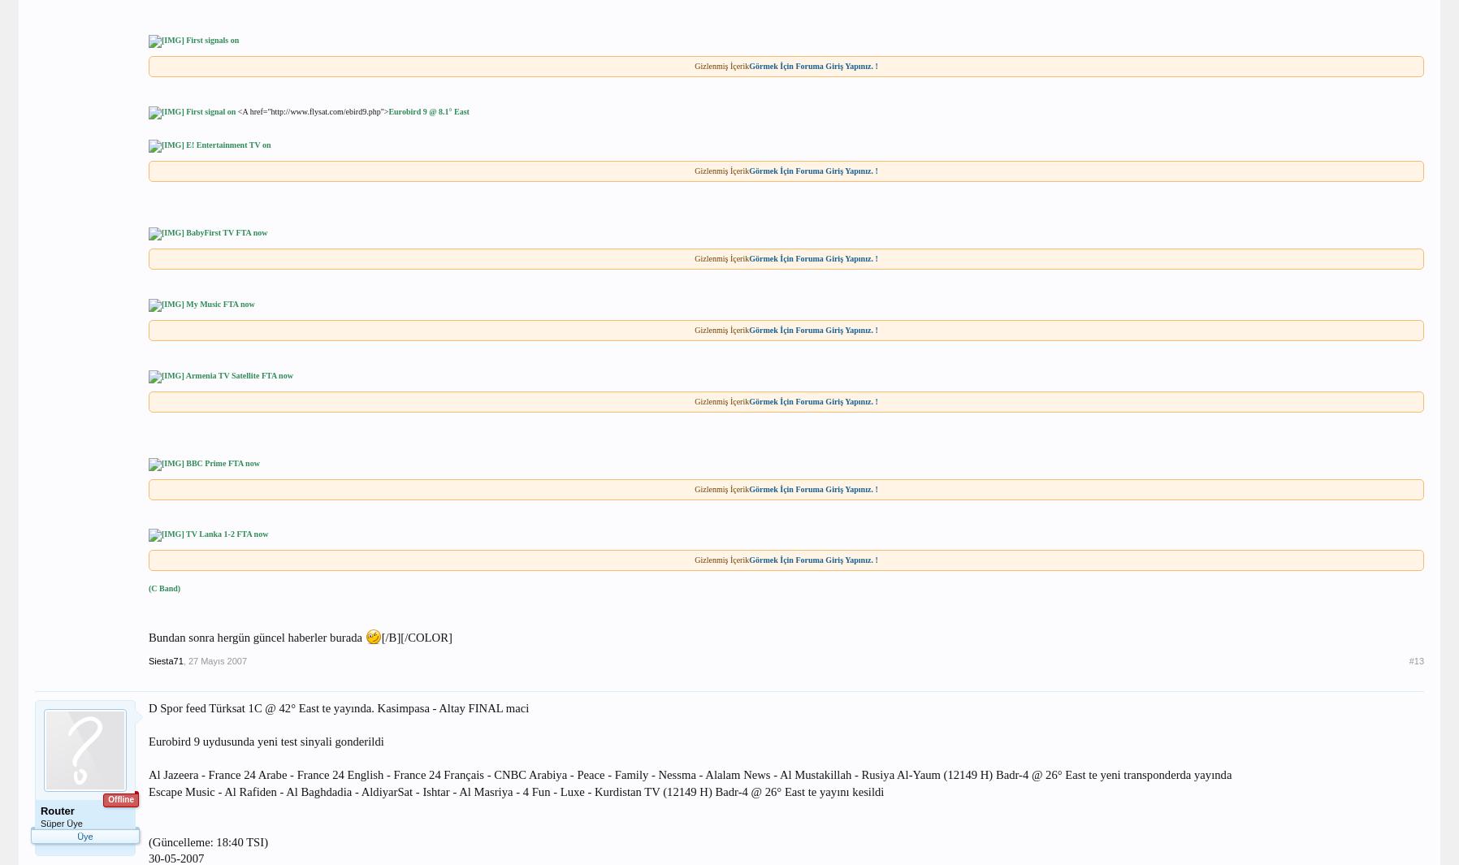 This screenshot has width=1459, height=865. Describe the element at coordinates (338, 708) in the screenshot. I see `'D Spor feed Türksat 1C @ 42° East te yayında. Kasimpasa - Altay FINAL maci'` at that location.